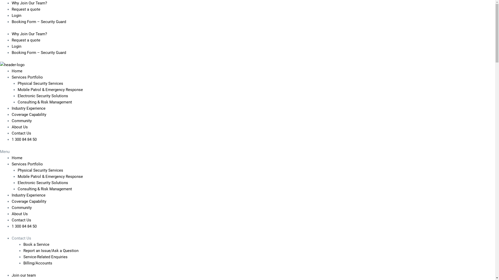 This screenshot has width=499, height=280. What do you see at coordinates (43, 183) in the screenshot?
I see `'Electronic Security Solutions'` at bounding box center [43, 183].